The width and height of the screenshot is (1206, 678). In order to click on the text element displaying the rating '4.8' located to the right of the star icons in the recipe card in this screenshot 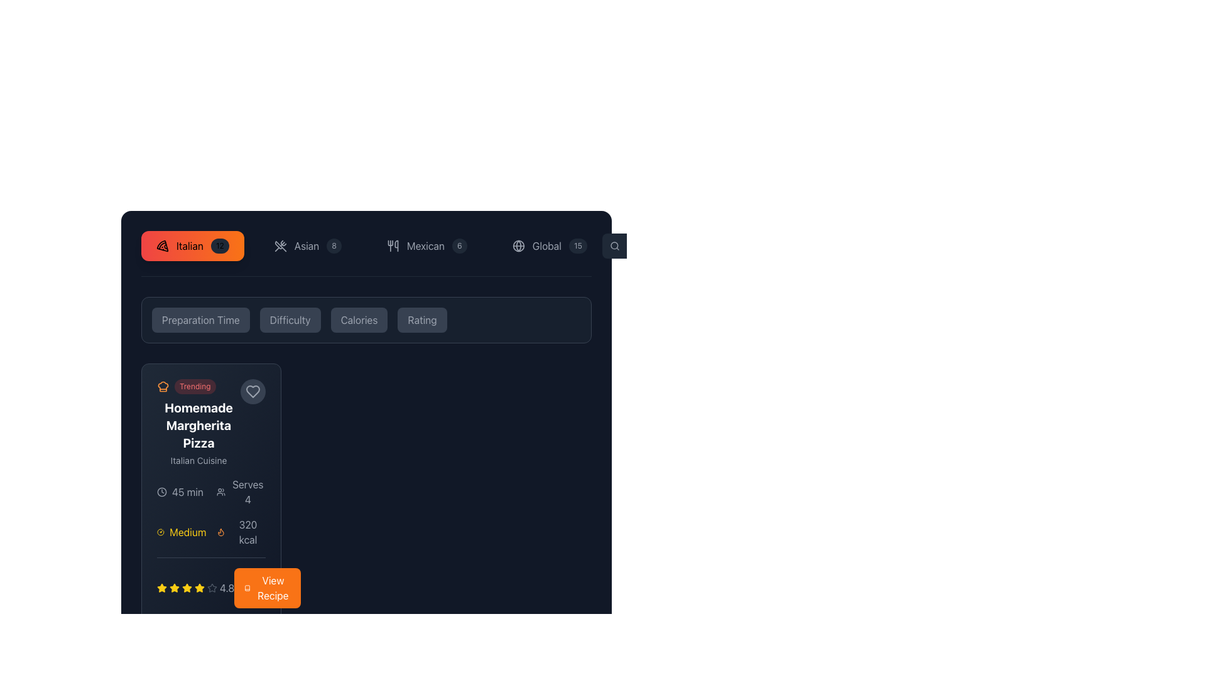, I will do `click(227, 588)`.